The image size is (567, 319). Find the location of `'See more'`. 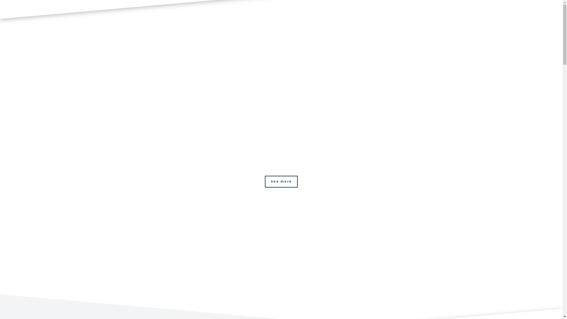

'See more' is located at coordinates (265, 181).